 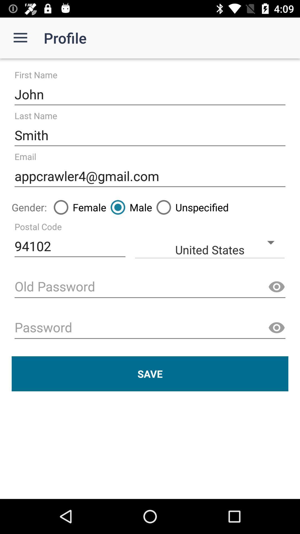 I want to click on the item above the united states icon, so click(x=129, y=207).